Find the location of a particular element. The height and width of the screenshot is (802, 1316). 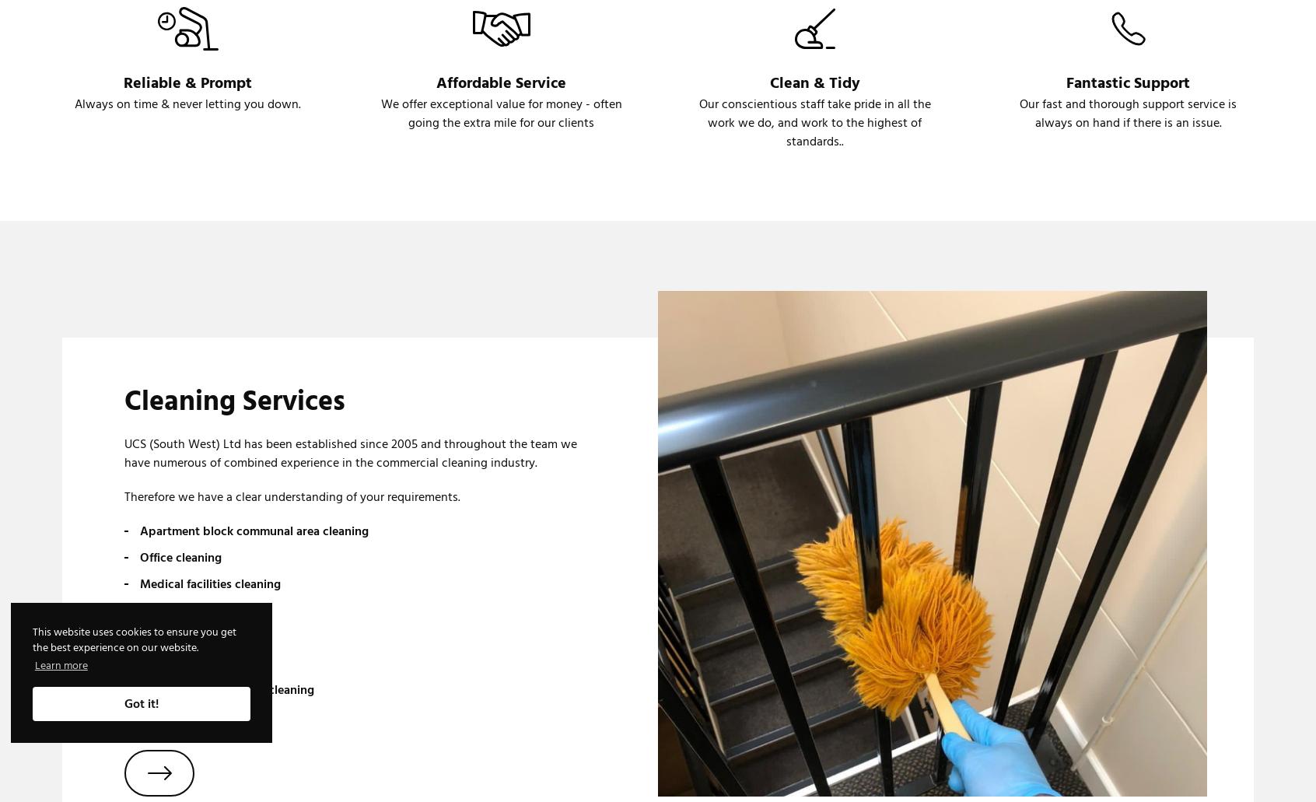

'Clean & Tidy' is located at coordinates (768, 82).